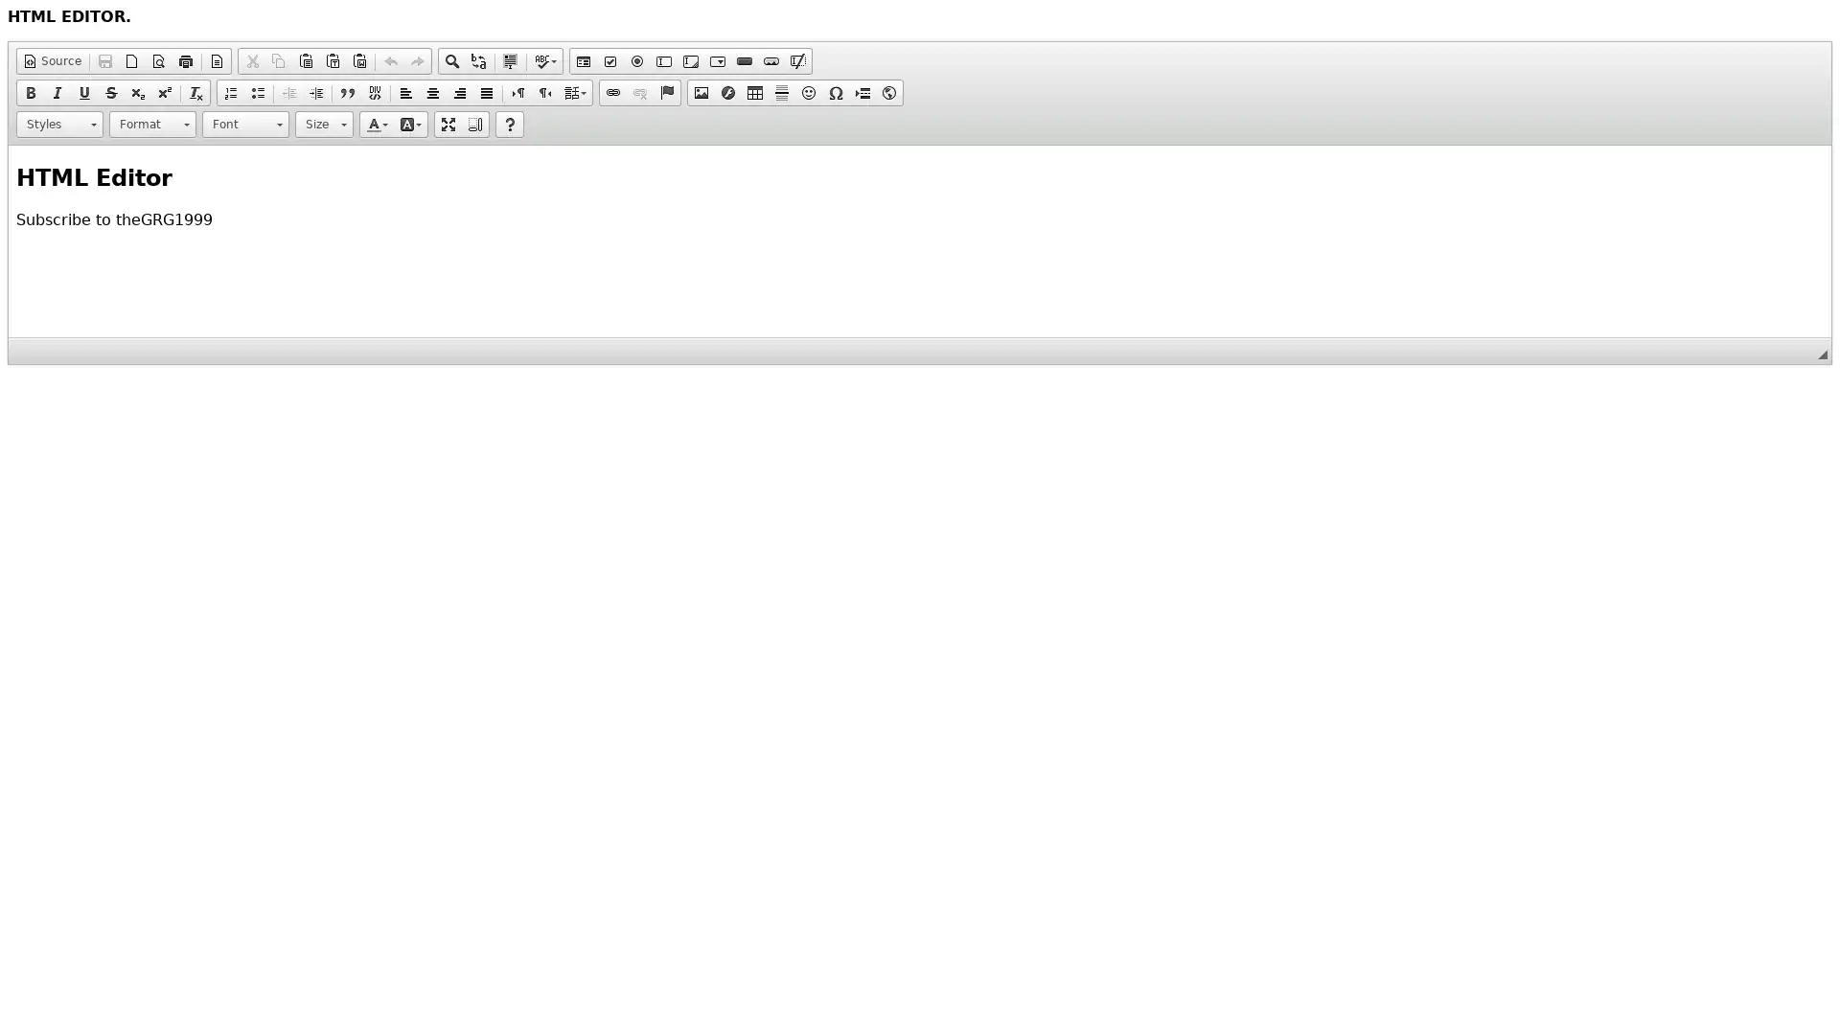 The image size is (1840, 1035). Describe the element at coordinates (217, 60) in the screenshot. I see `Templates` at that location.